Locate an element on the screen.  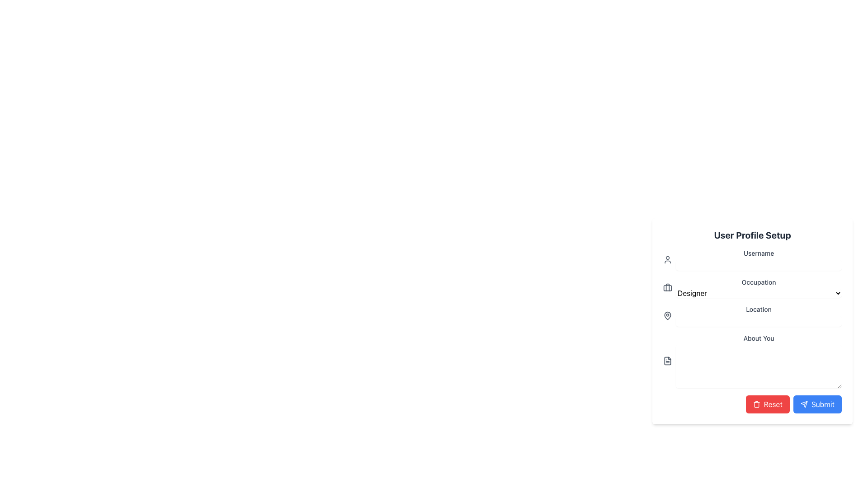
text of the label associated with the 'Submit' button, located towards the right side and next to an icon is located at coordinates (823, 404).